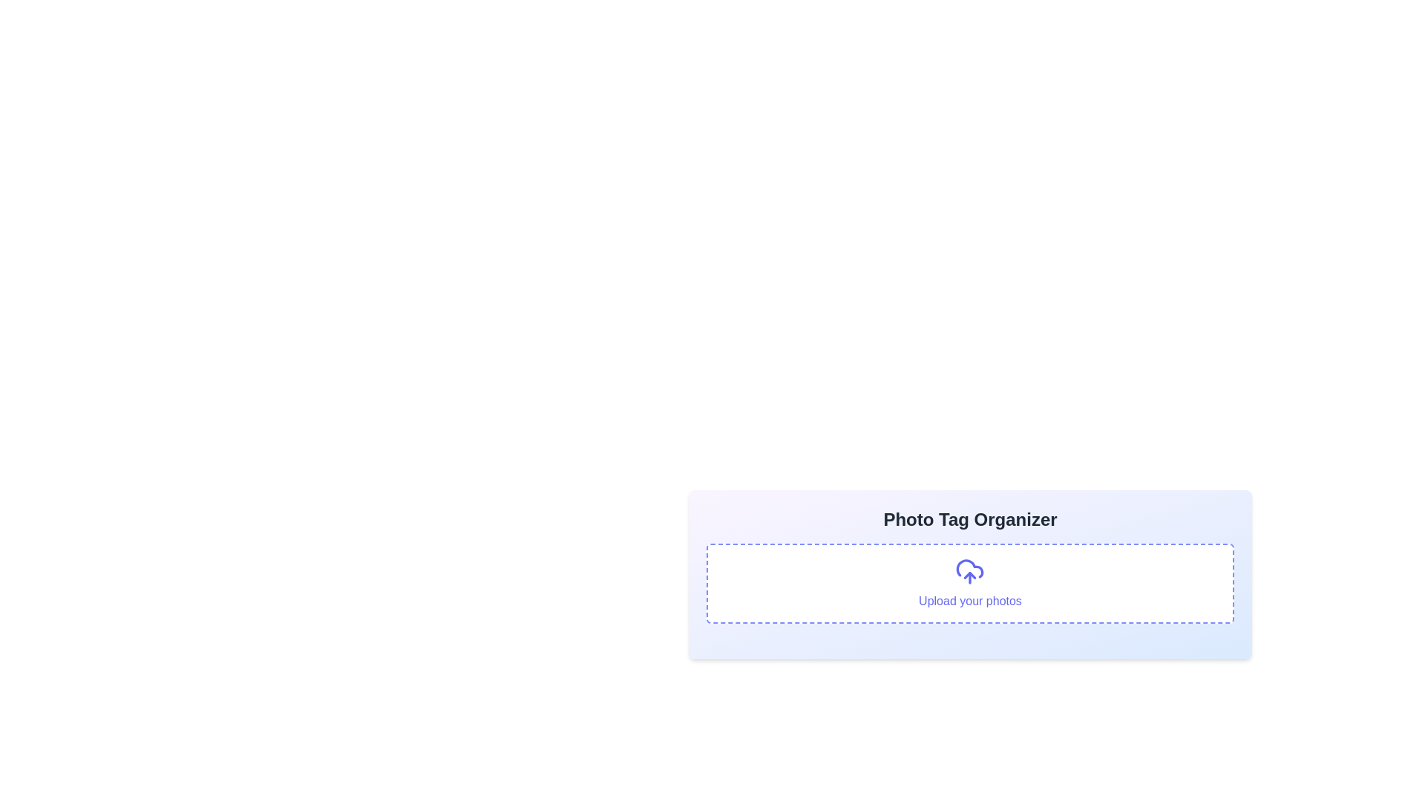  Describe the element at coordinates (970, 568) in the screenshot. I see `the area above the text label 'Upload your photos', which is centered within the dashed border area of the 'Photo Tag Organizer' section` at that location.